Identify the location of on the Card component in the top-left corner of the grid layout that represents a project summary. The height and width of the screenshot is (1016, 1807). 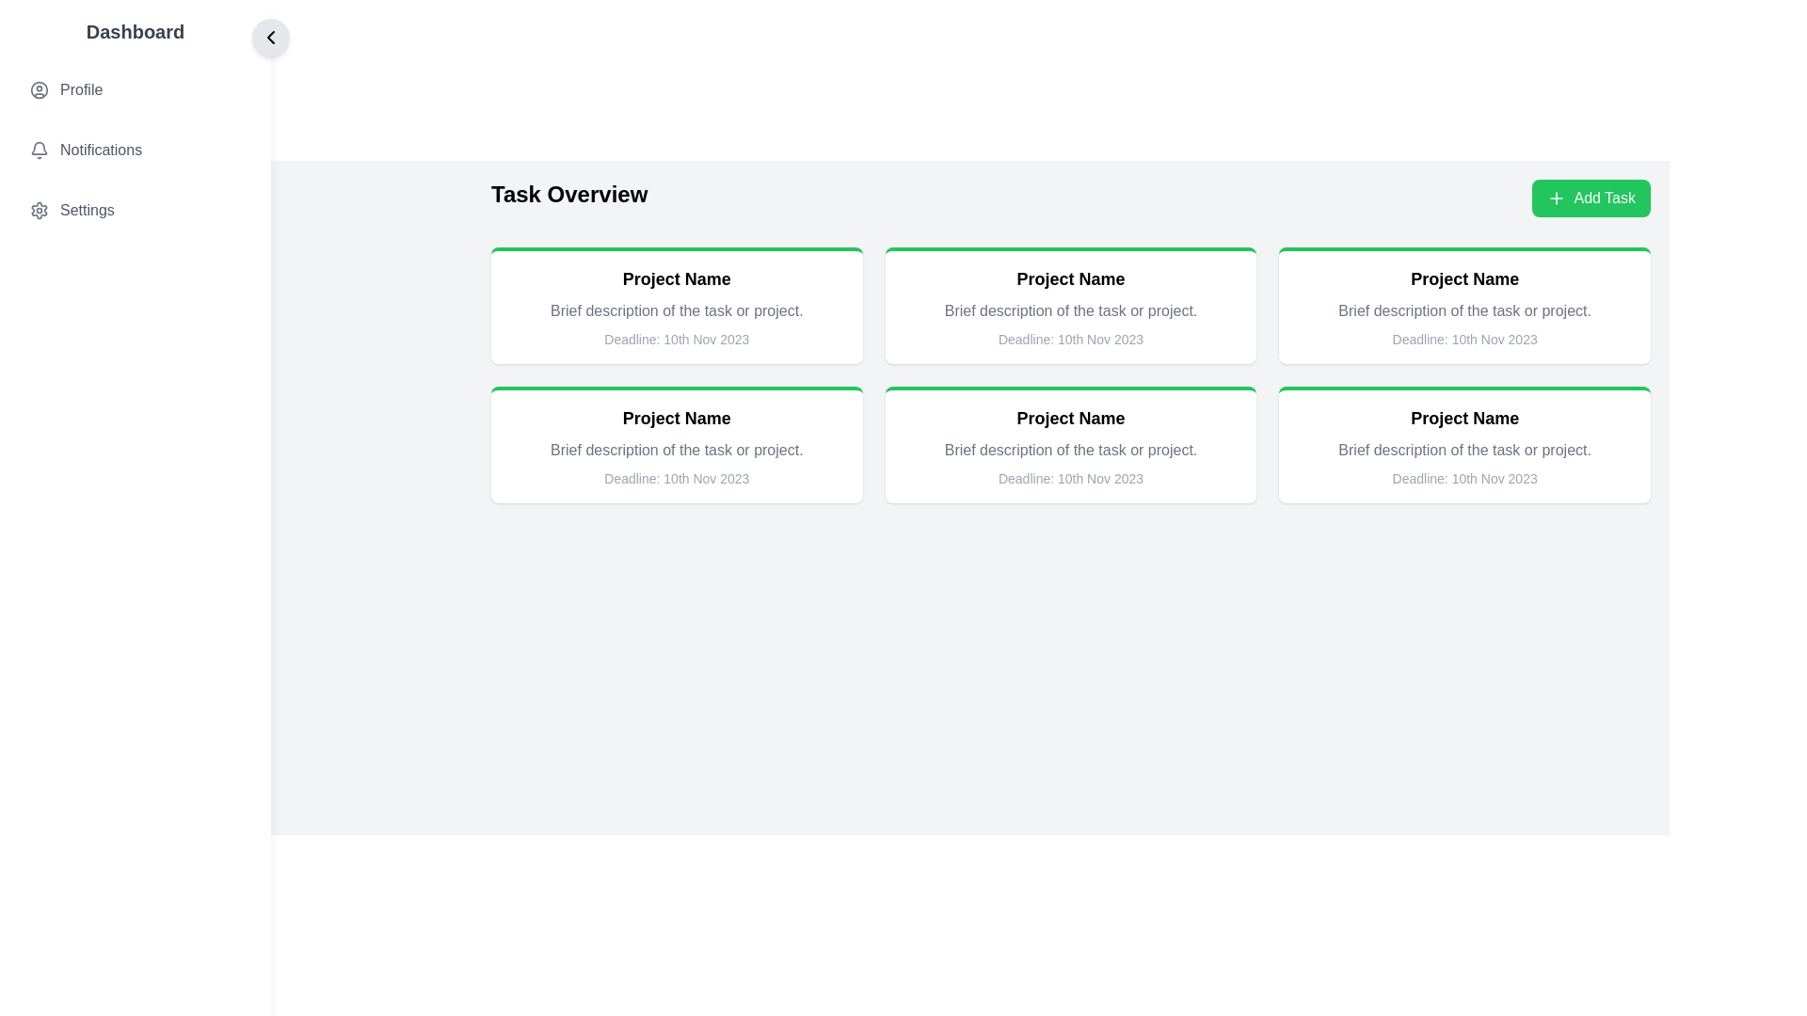
(677, 304).